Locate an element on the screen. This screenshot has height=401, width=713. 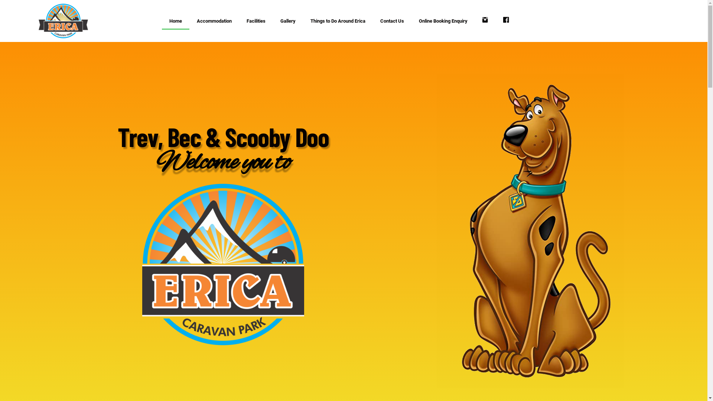
'Things to Do Around Erica' is located at coordinates (338, 21).